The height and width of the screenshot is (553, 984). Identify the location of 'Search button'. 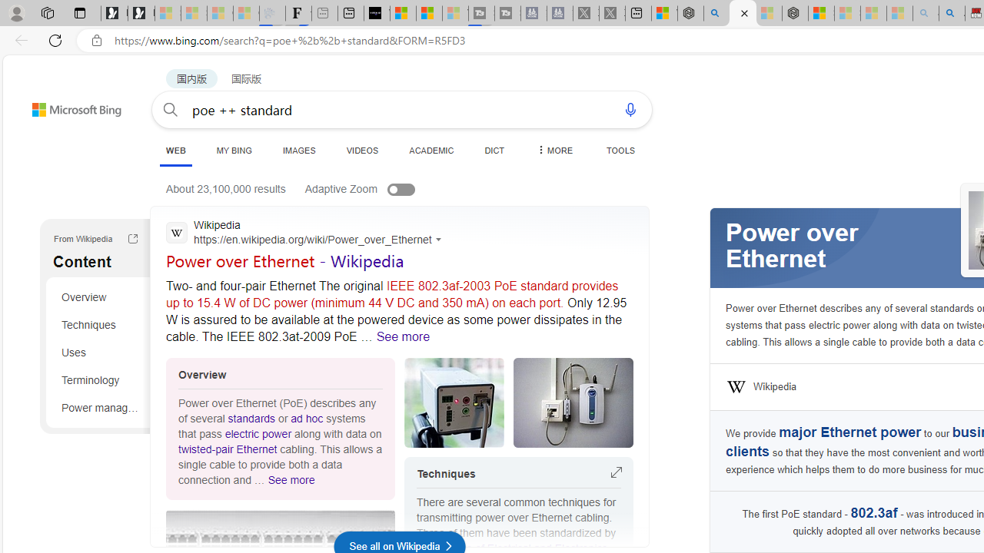
(171, 108).